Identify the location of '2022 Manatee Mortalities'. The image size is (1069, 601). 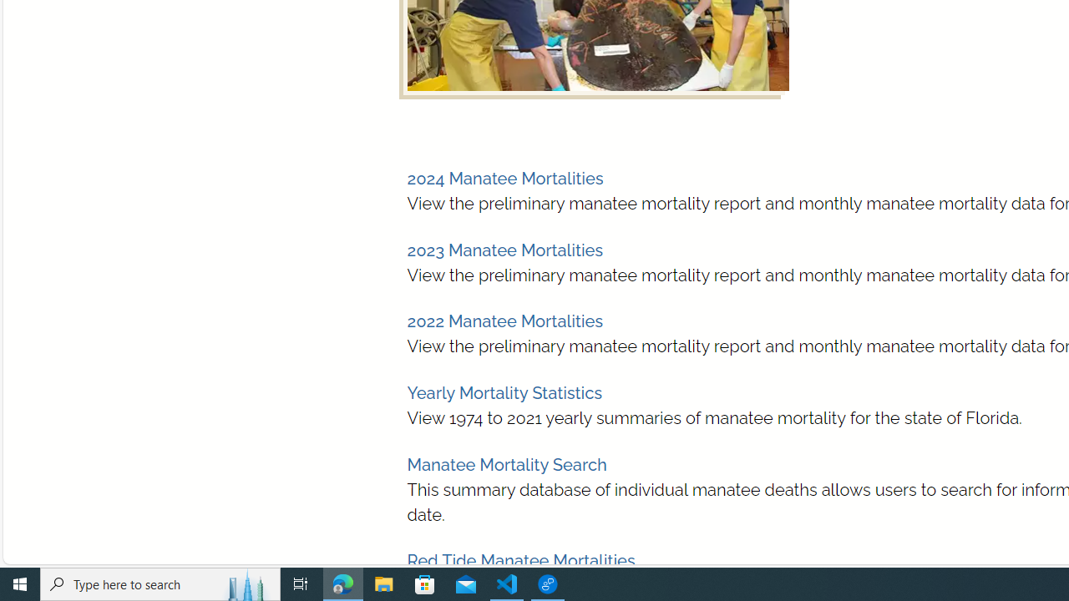
(504, 321).